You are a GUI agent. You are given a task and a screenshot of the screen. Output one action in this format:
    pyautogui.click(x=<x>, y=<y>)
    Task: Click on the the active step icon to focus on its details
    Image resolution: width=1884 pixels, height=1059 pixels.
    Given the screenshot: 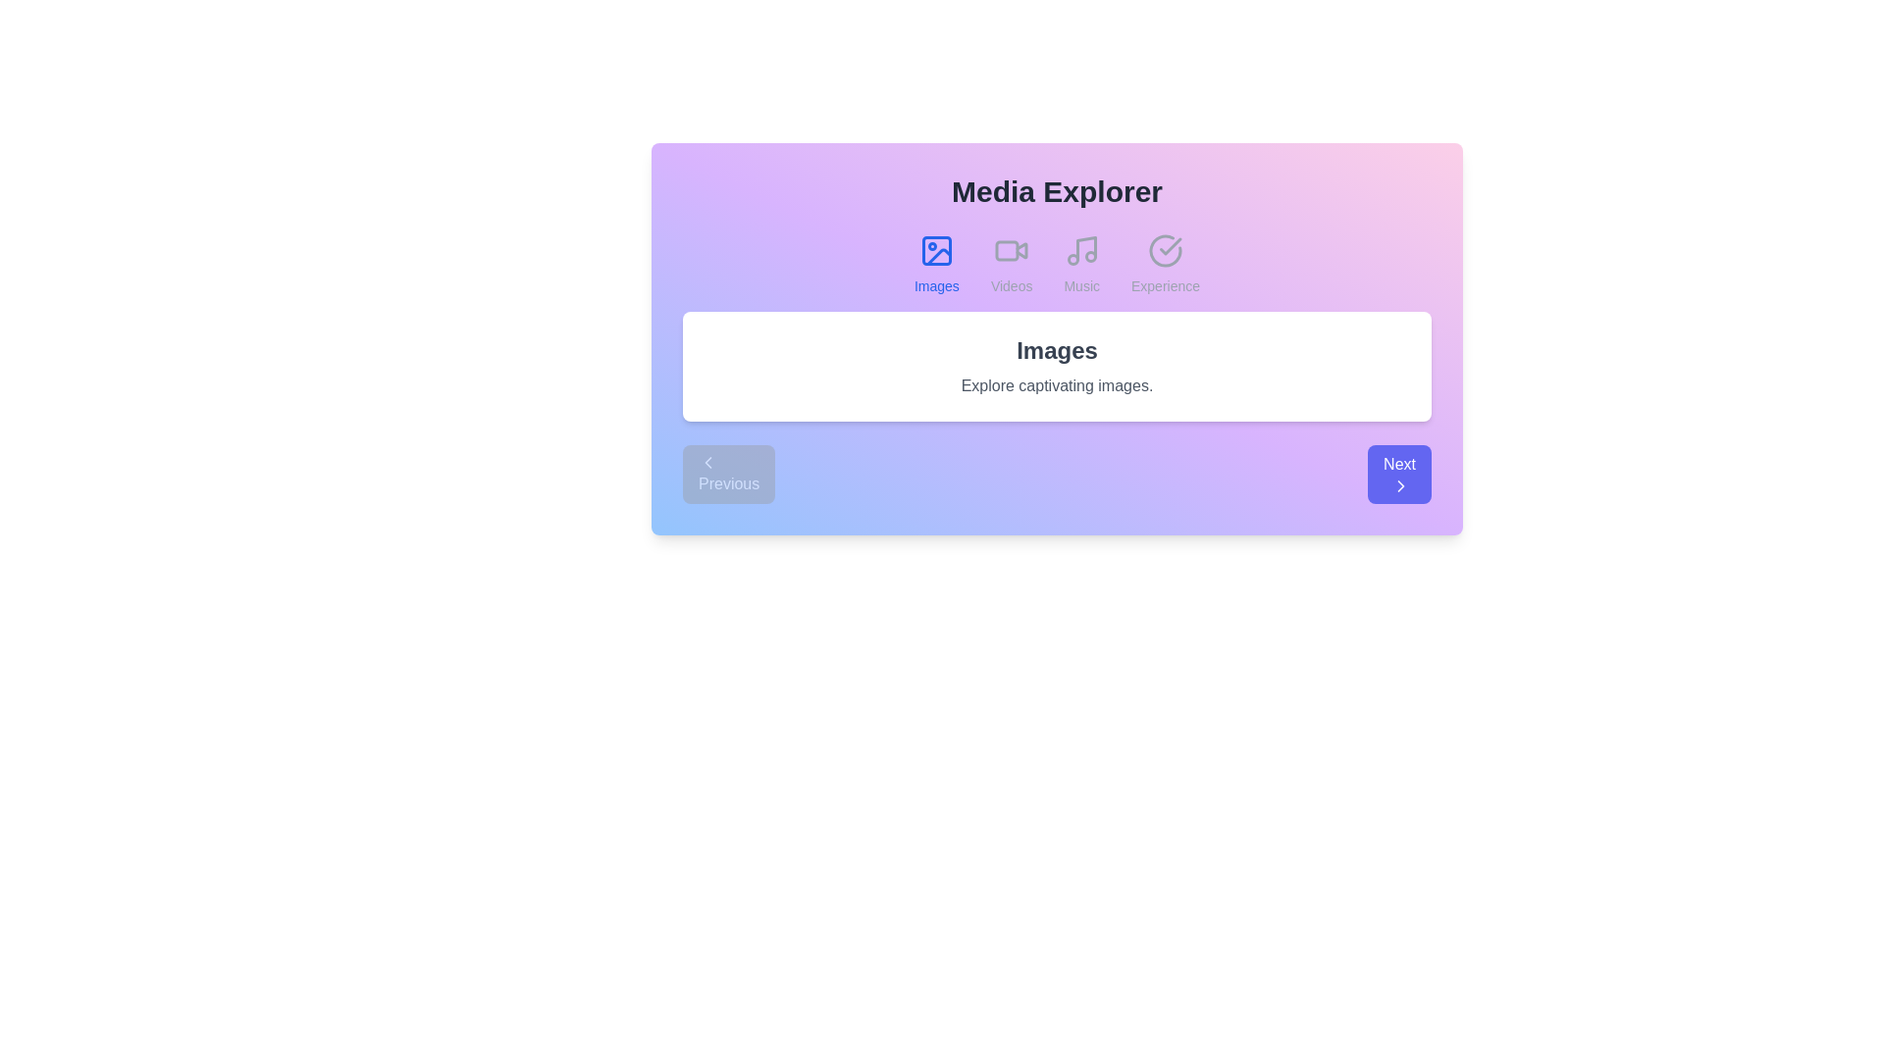 What is the action you would take?
    pyautogui.click(x=935, y=249)
    